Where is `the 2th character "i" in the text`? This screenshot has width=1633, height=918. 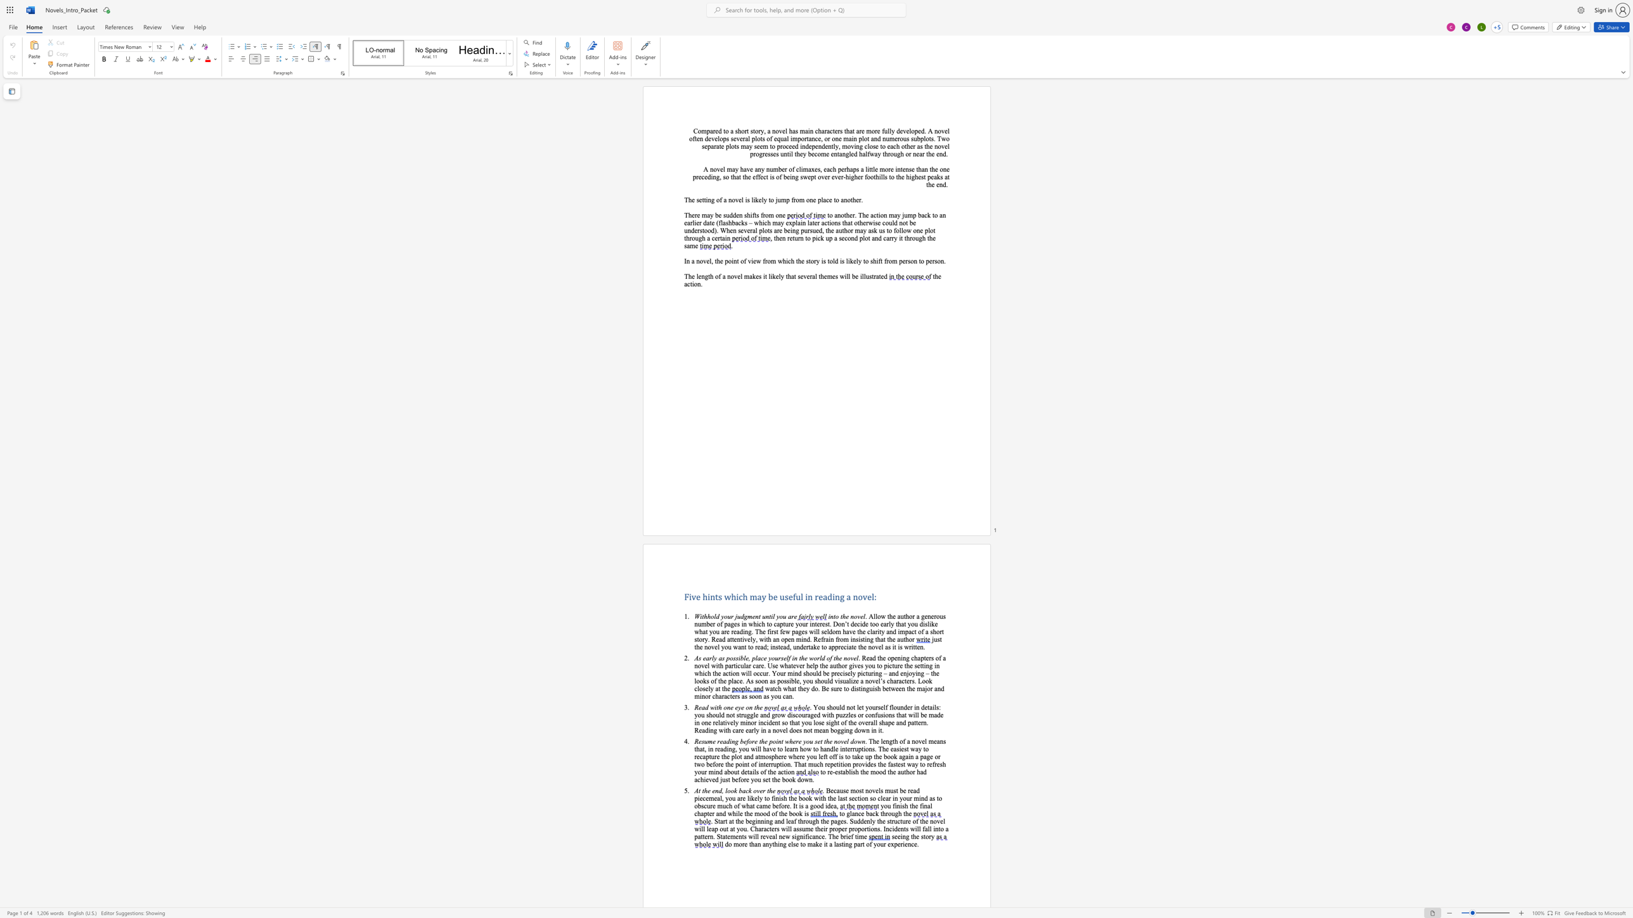 the 2th character "i" in the text is located at coordinates (772, 616).